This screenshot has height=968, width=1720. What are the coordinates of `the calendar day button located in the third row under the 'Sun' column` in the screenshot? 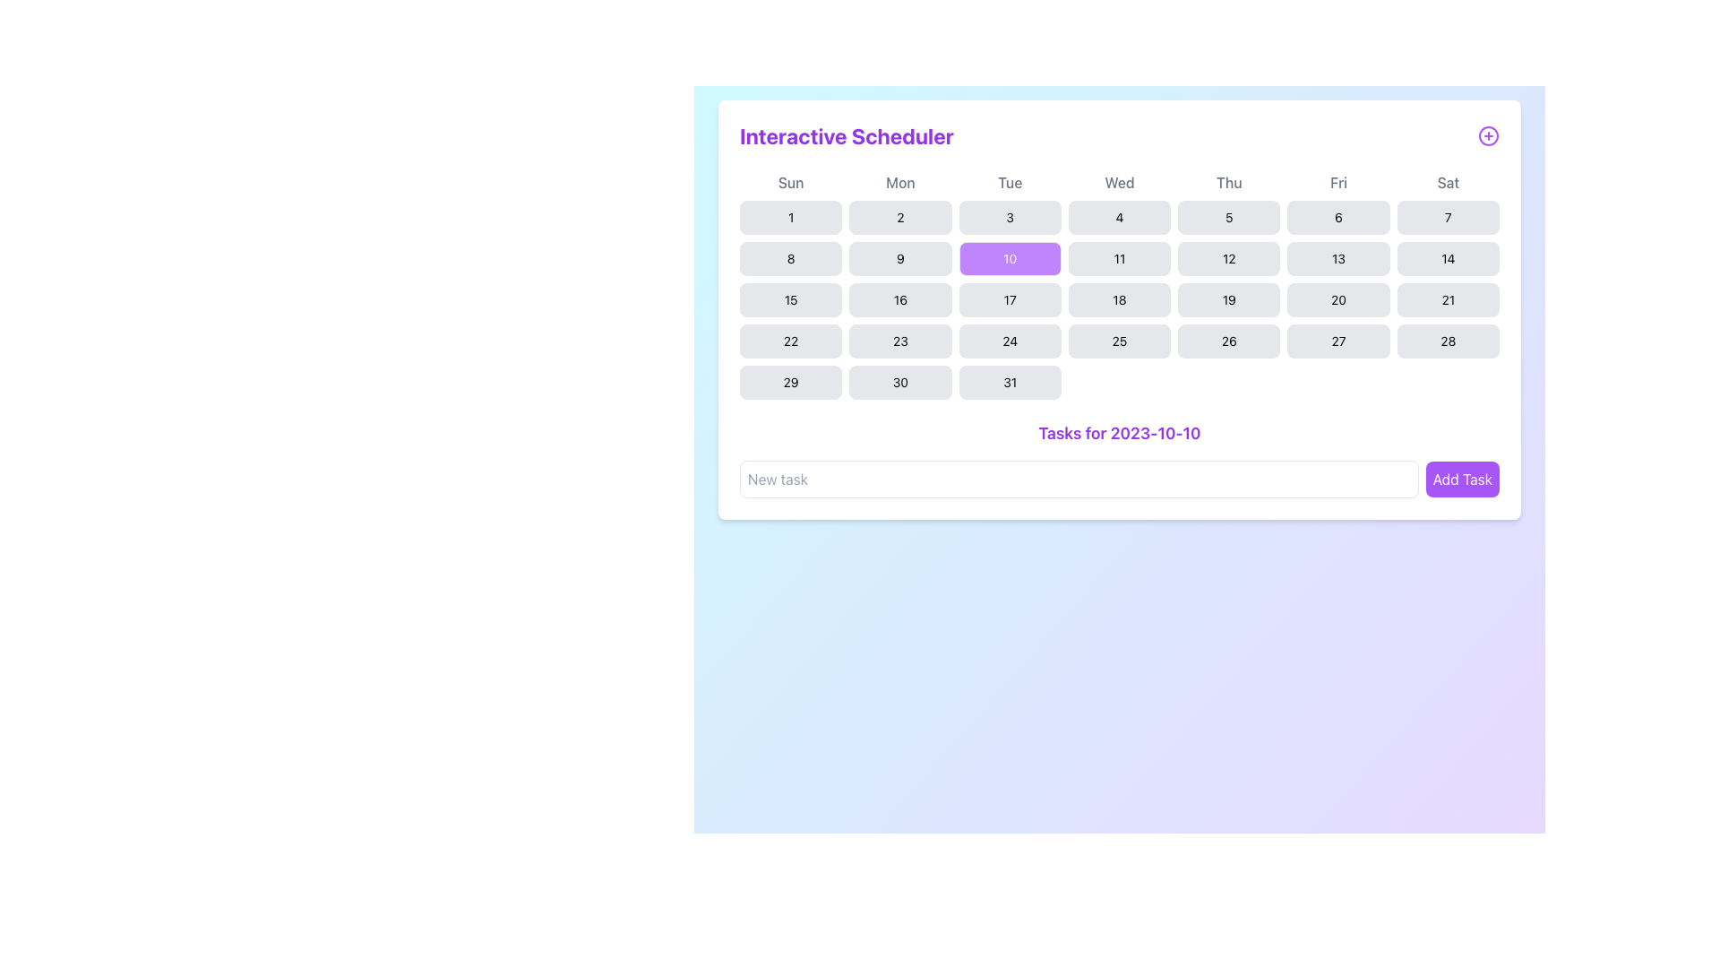 It's located at (790, 299).